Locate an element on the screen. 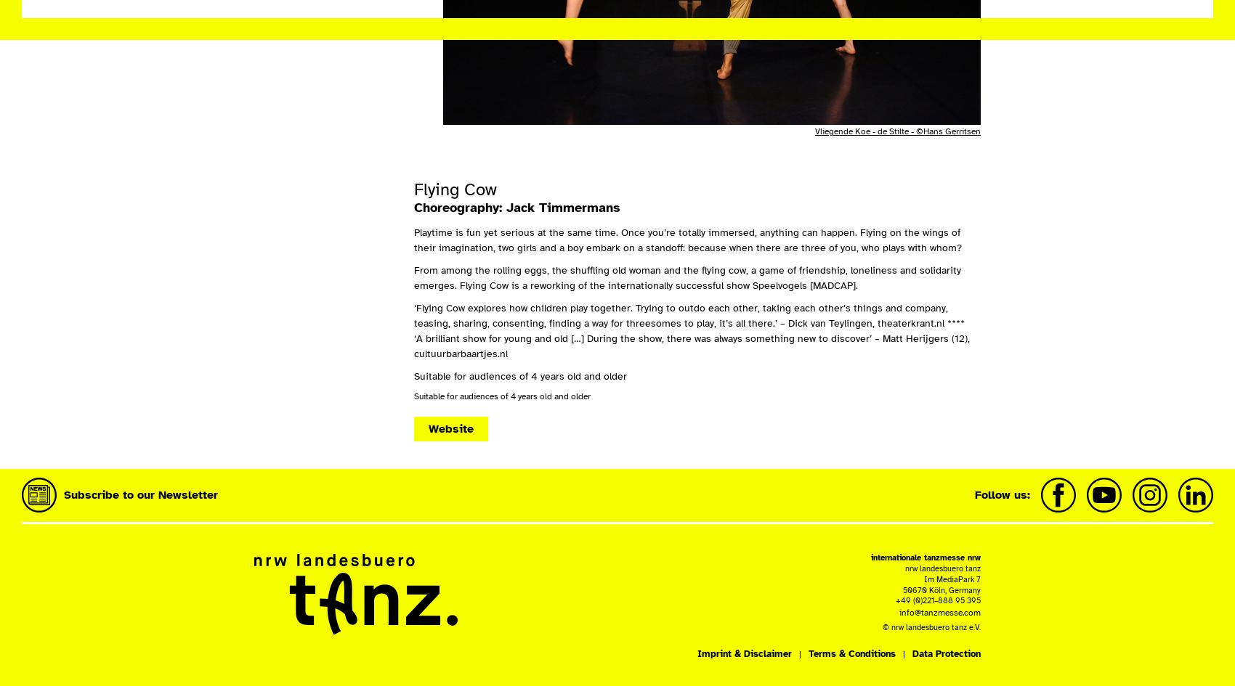 The image size is (1235, 686). '‘Flying Cow explores how children play together. Trying to outdo each other, taking each other’s things and company, teasing, sharing, consenting, finding a way for threesomes to play, it’s all there.’ – Dick van Teylingen, theaterkrant.nl ****' is located at coordinates (689, 315).